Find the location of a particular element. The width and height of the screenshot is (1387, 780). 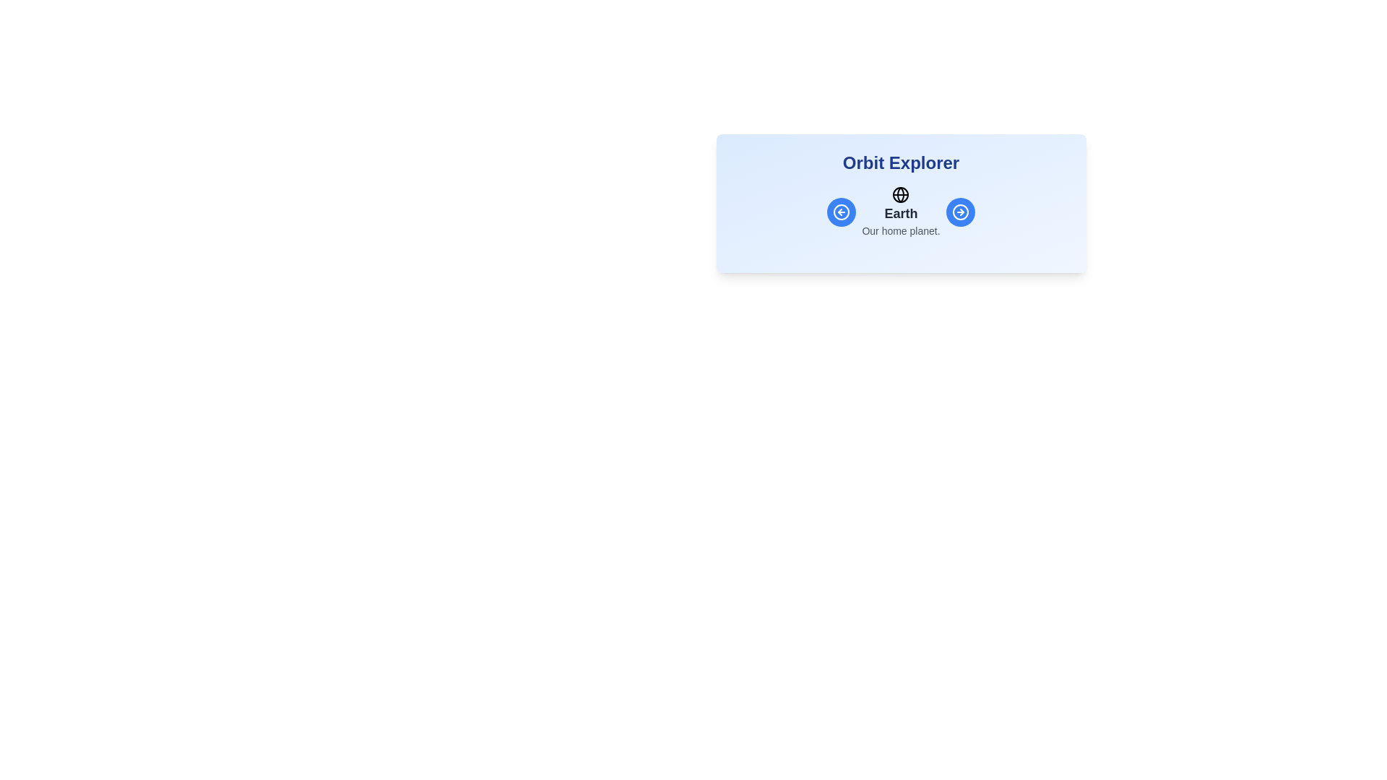

the Visual Descriptor with Icon and Text that features a globe icon and the label 'Earth' in bold text, positioned below the header 'Orbit Explorer' is located at coordinates (900, 212).